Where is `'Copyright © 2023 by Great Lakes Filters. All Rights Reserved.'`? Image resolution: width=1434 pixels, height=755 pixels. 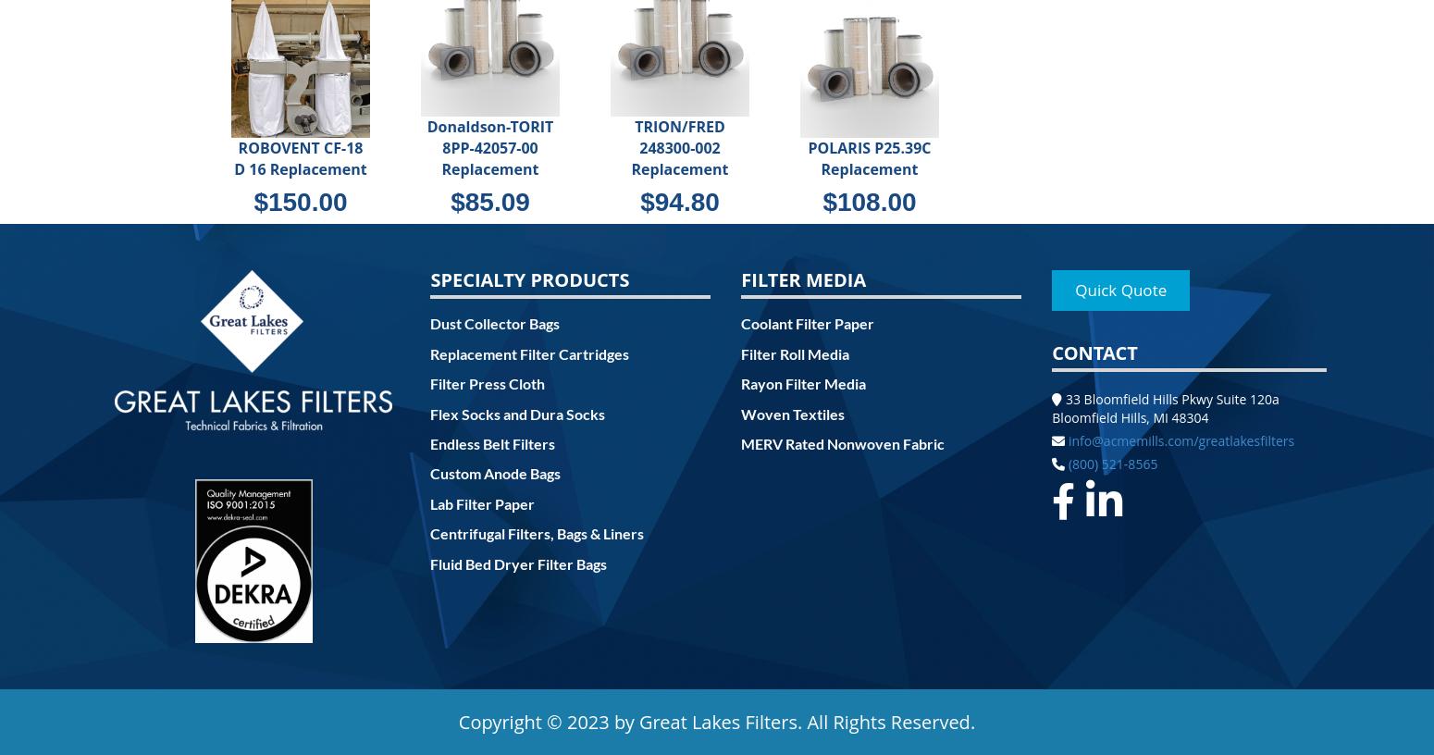
'Copyright © 2023 by Great Lakes Filters. All Rights Reserved.' is located at coordinates (716, 722).